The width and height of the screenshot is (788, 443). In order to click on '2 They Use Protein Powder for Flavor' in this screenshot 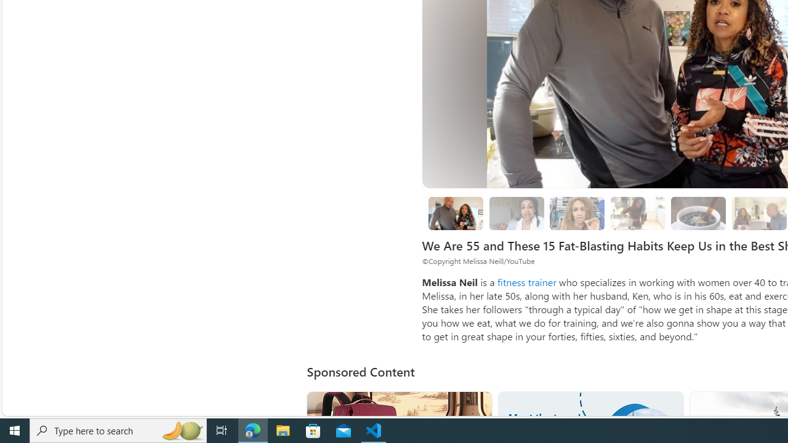, I will do `click(576, 213)`.